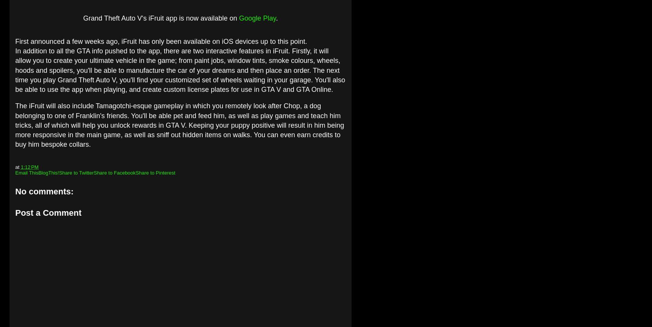 The width and height of the screenshot is (652, 327). Describe the element at coordinates (179, 70) in the screenshot. I see `'In addition to all the GTA info pushed to the app, there are two 
interactive features in iFruit. Firstly, it will allow you to create 
your ultimate vehicle in the game; from paint jobs, window tints, smoke 
colours, wheels, hoods and spoilers, you'll be able to manufacture the 
car of your dreams and then place an order. The next time you play Grand Theft Auto V,
 you'll find your customized set of wheels waiting in your garage. 
You'll also be able to use the app when playing, and create custom 
license plates for use in GTA V and GTA Online.'` at that location.